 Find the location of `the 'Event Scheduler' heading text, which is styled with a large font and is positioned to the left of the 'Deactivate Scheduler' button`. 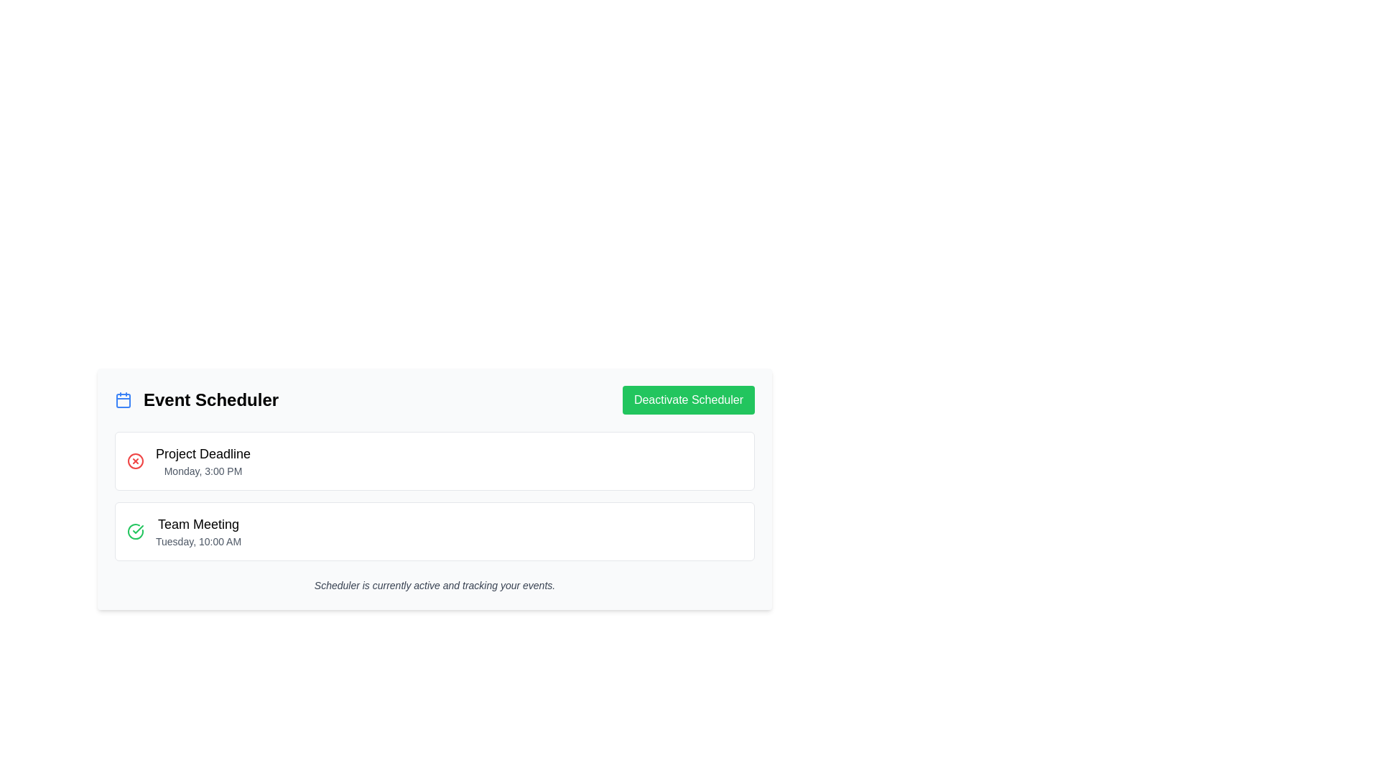

the 'Event Scheduler' heading text, which is styled with a large font and is positioned to the left of the 'Deactivate Scheduler' button is located at coordinates (195, 399).